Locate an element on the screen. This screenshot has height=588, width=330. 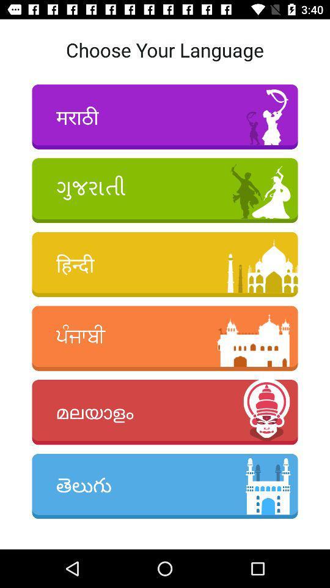
item below choose your language is located at coordinates (165, 116).